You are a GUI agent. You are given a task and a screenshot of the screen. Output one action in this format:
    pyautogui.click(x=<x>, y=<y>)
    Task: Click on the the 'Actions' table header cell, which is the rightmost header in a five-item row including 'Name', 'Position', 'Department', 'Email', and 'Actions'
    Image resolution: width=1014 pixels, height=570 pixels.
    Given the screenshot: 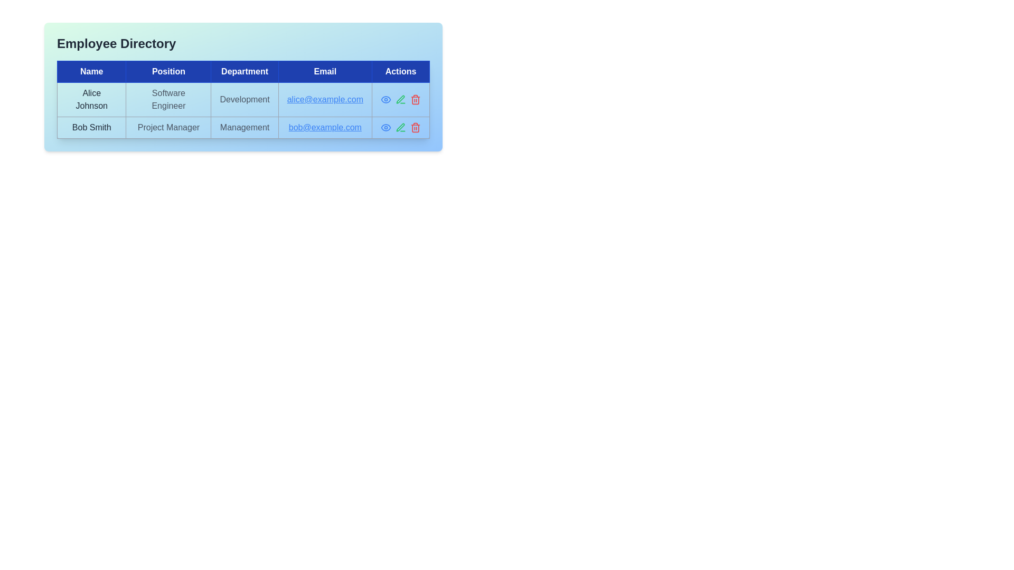 What is the action you would take?
    pyautogui.click(x=400, y=71)
    